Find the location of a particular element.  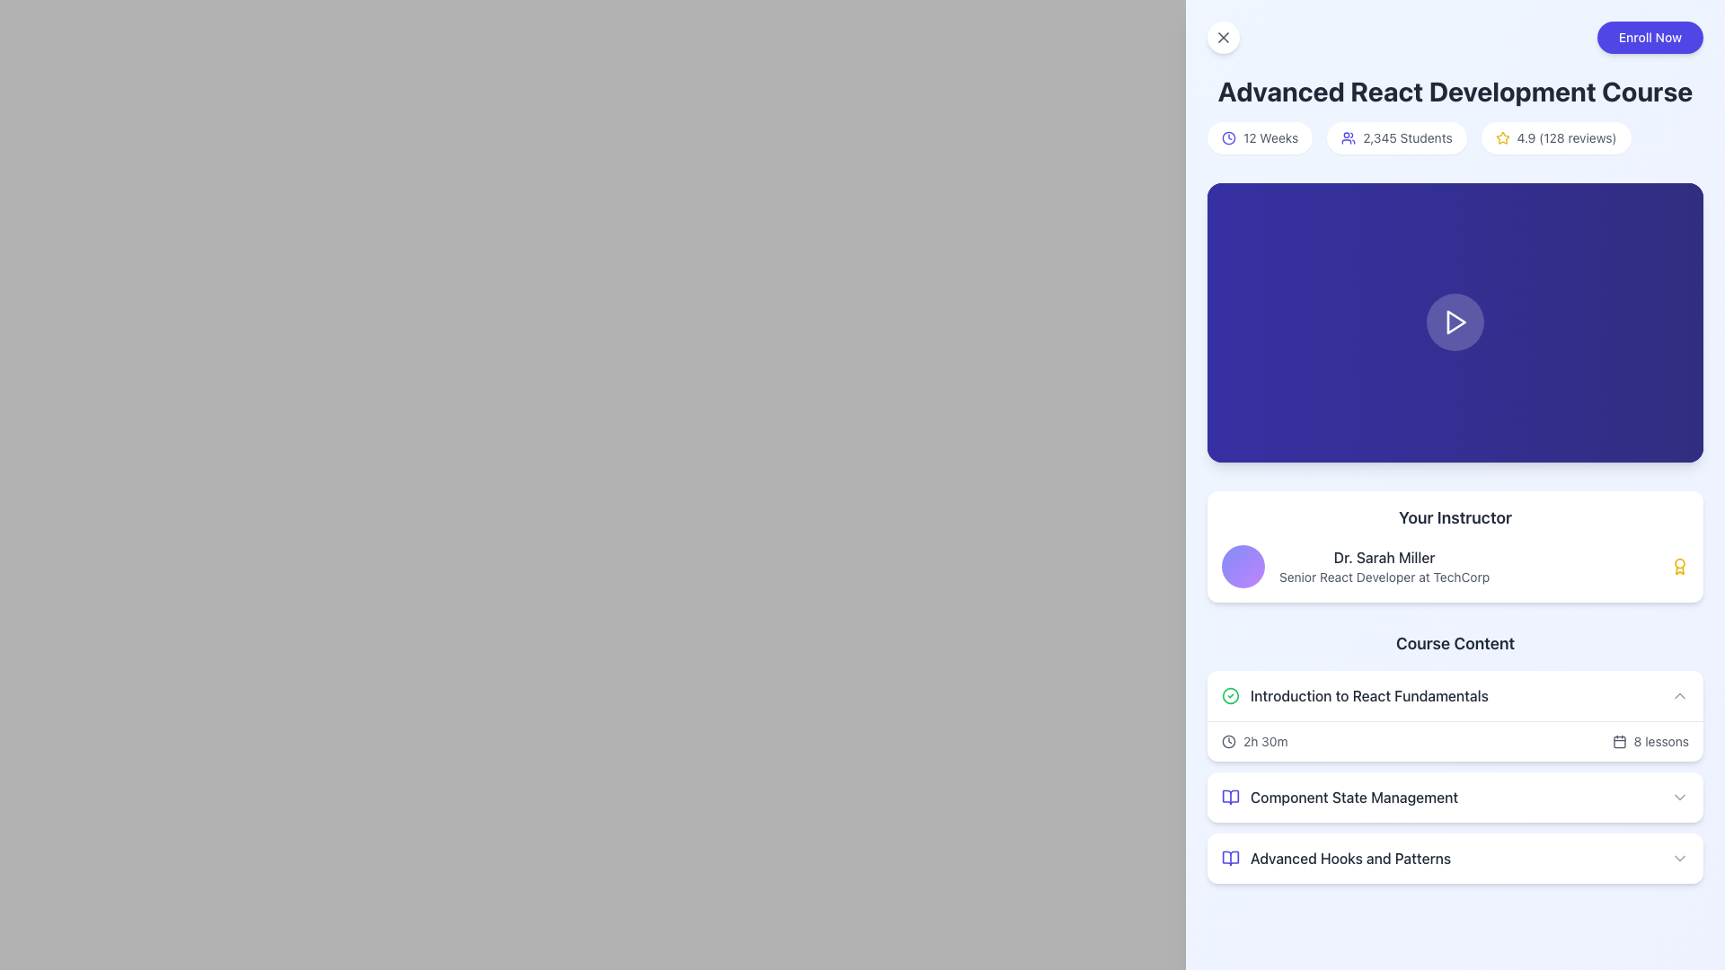

the text label displaying '8 lessons' with an adjacent calendar icon, located beneath the 'Course Content' heading and to the right of the '2h 30m' text is located at coordinates (1650, 741).